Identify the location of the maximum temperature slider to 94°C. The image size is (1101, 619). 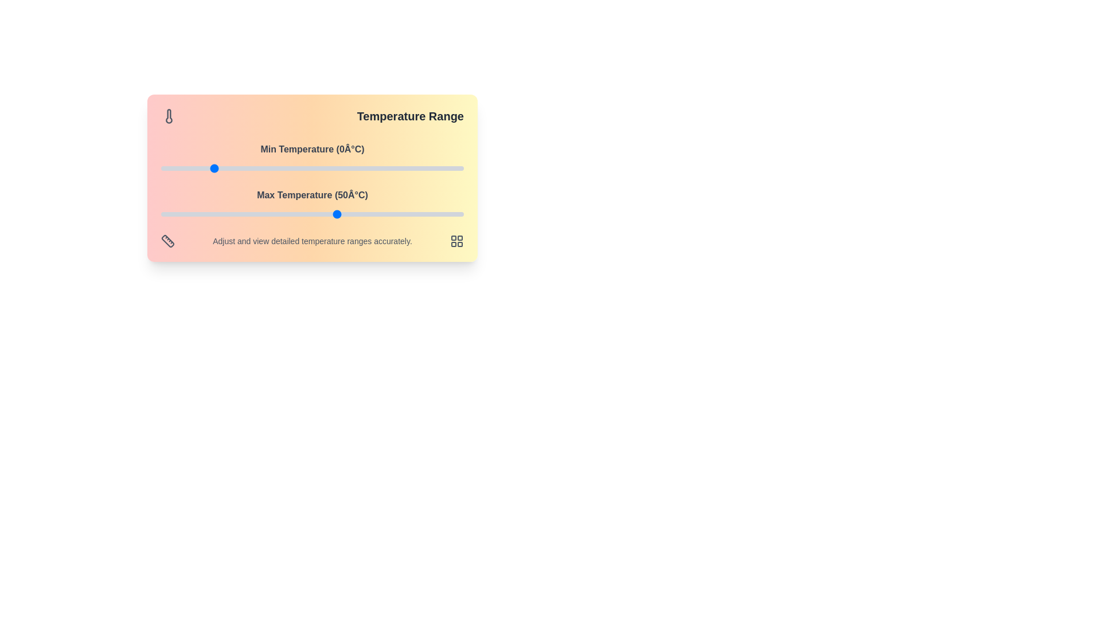
(448, 214).